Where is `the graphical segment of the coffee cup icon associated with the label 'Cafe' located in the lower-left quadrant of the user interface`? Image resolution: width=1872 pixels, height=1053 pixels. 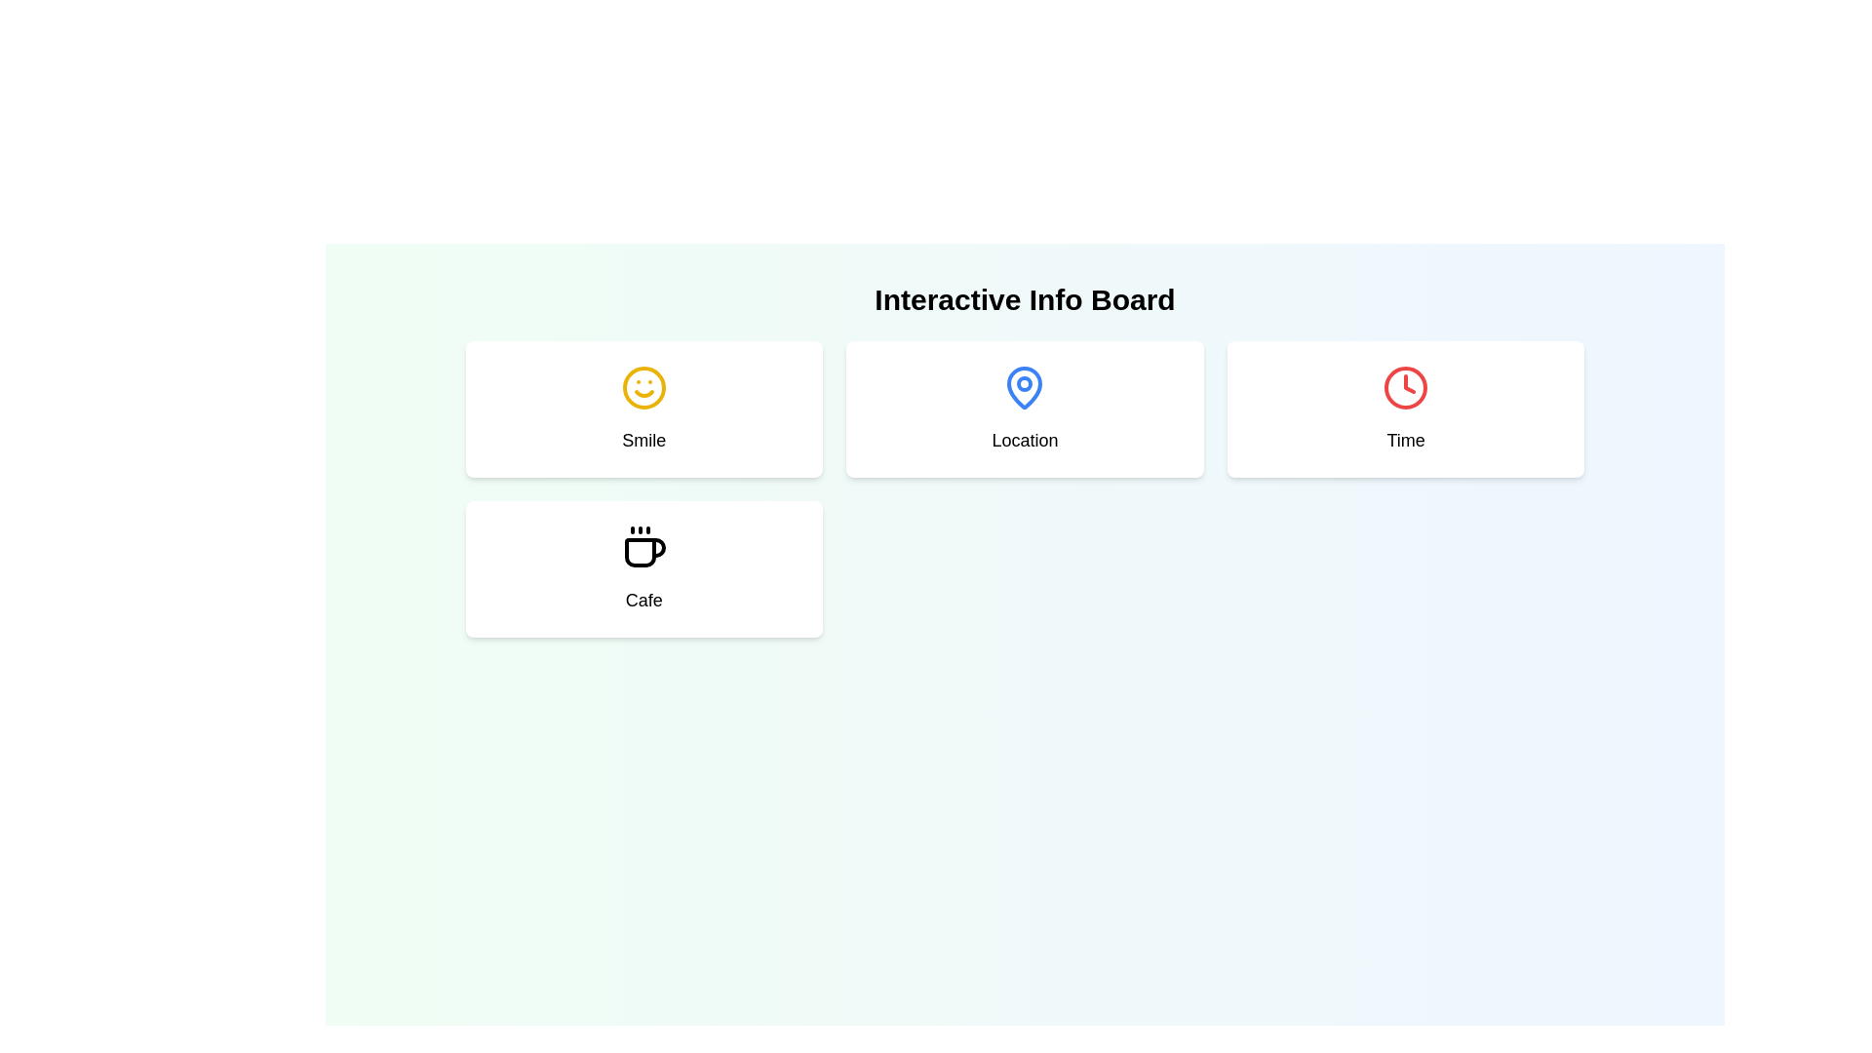 the graphical segment of the coffee cup icon associated with the label 'Cafe' located in the lower-left quadrant of the user interface is located at coordinates (644, 553).